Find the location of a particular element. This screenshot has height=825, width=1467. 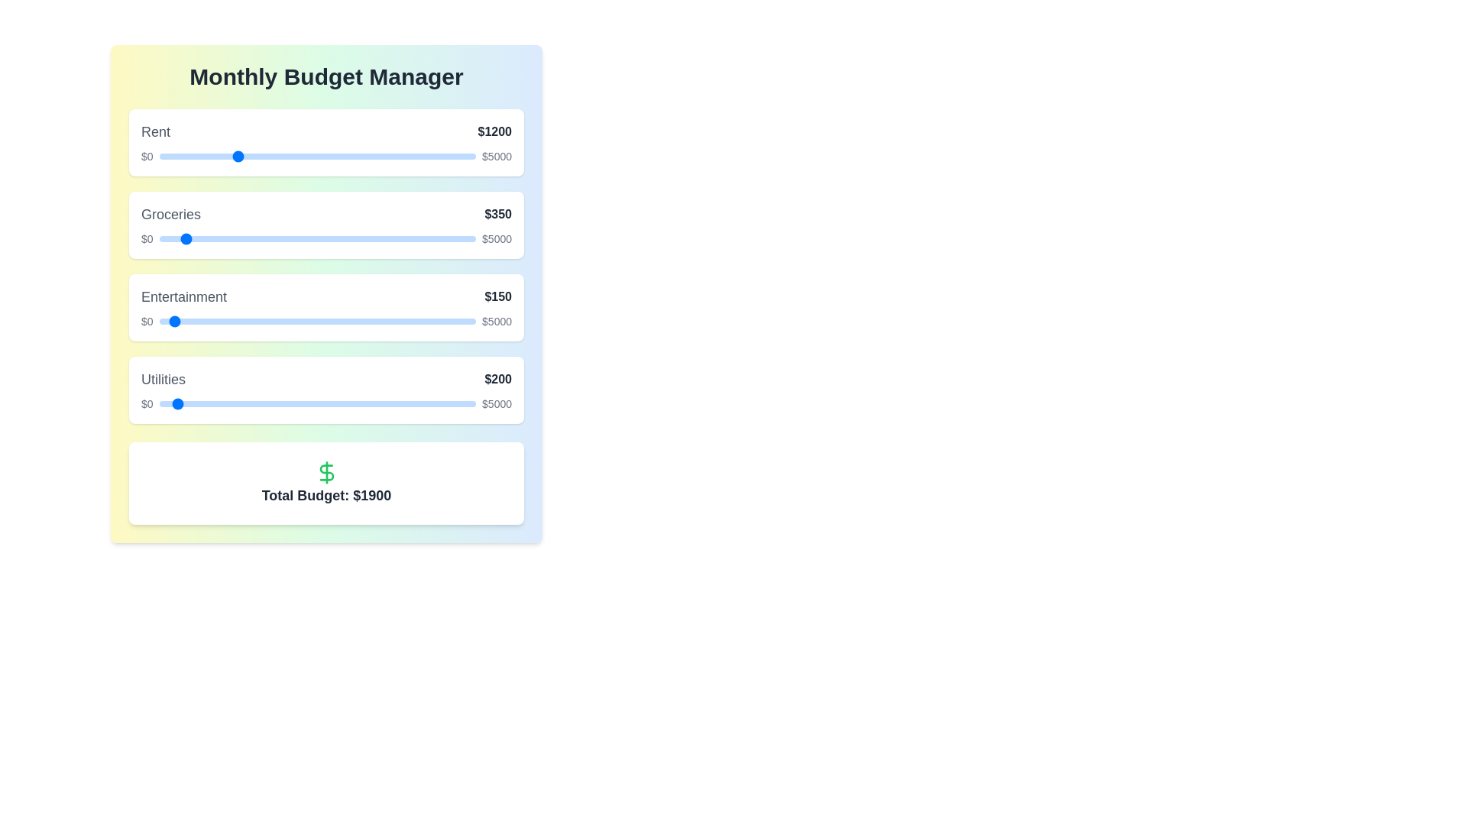

the text label displaying the current amount allocated to the 'Entertainment' category in the budget system, which is positioned to the far right of the 'Entertainment' row is located at coordinates (498, 297).